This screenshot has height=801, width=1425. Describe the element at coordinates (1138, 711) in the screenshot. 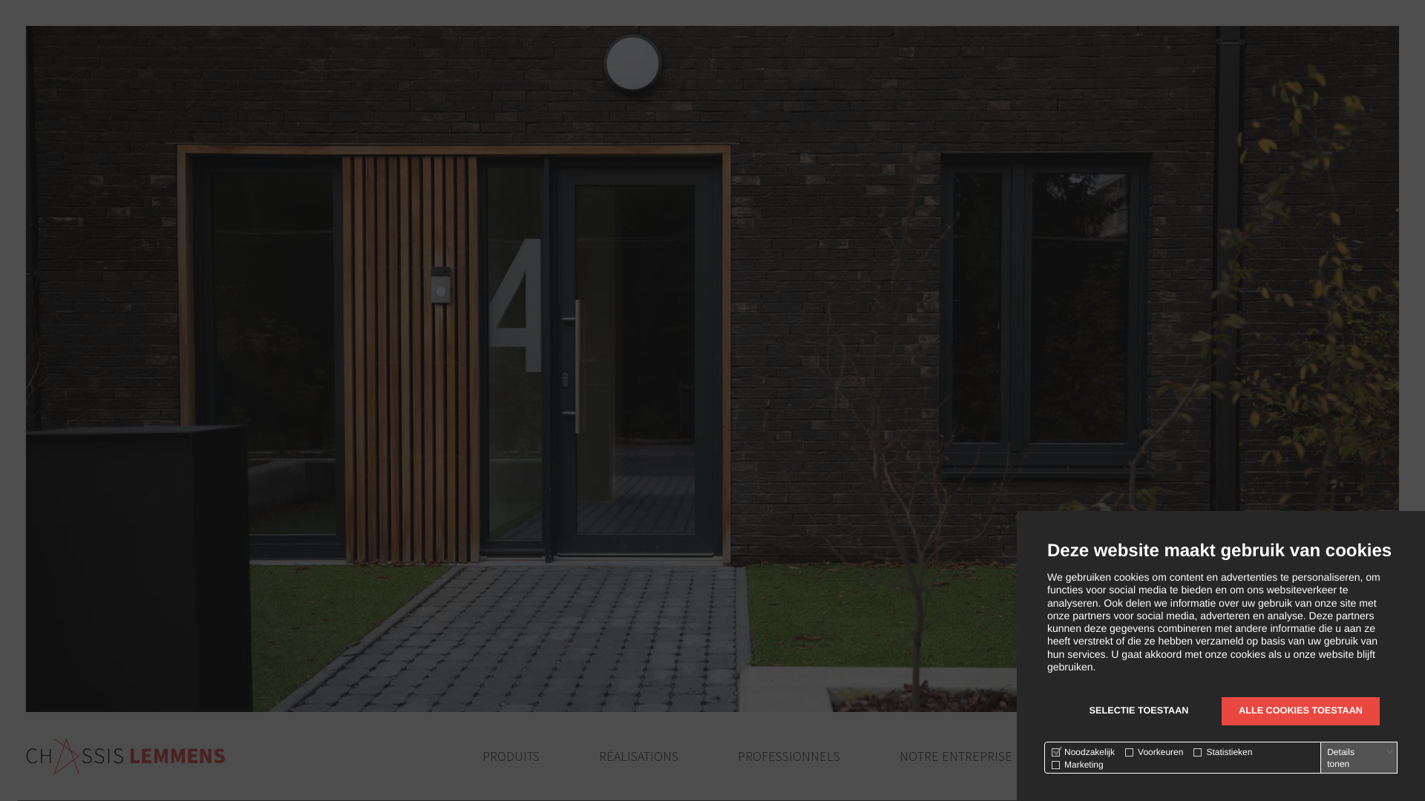

I see `'SELECTIE TOESTAAN'` at that location.